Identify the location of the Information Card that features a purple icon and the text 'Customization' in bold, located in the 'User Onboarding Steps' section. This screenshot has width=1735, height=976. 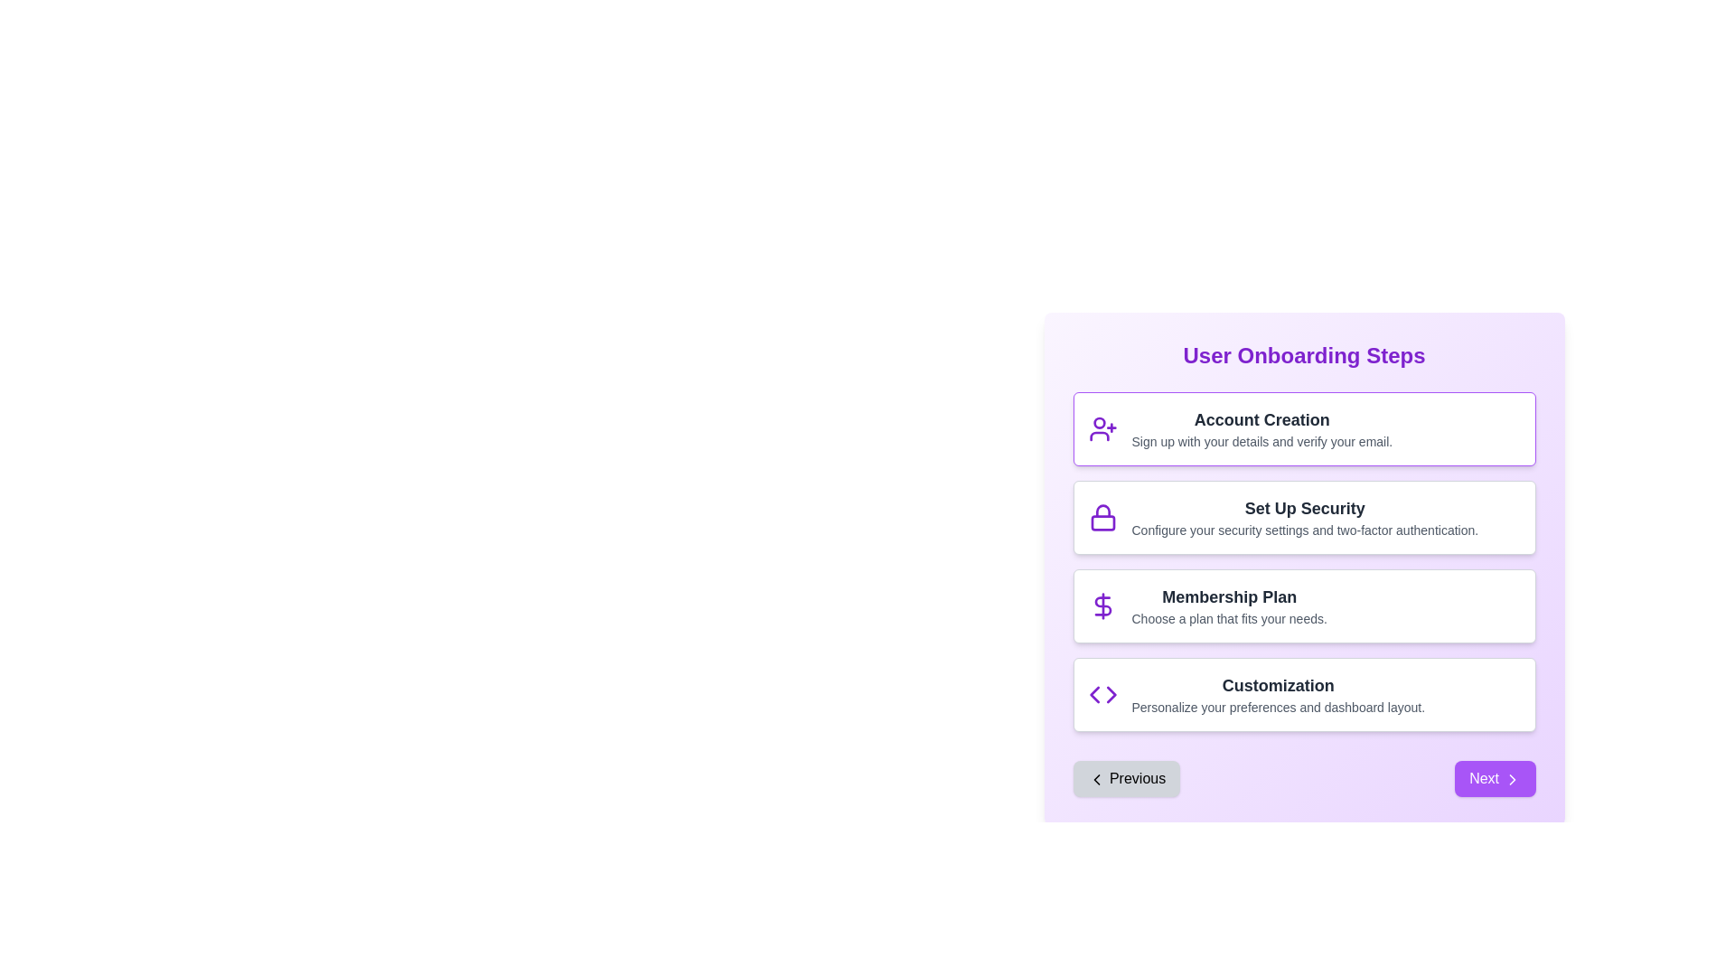
(1304, 693).